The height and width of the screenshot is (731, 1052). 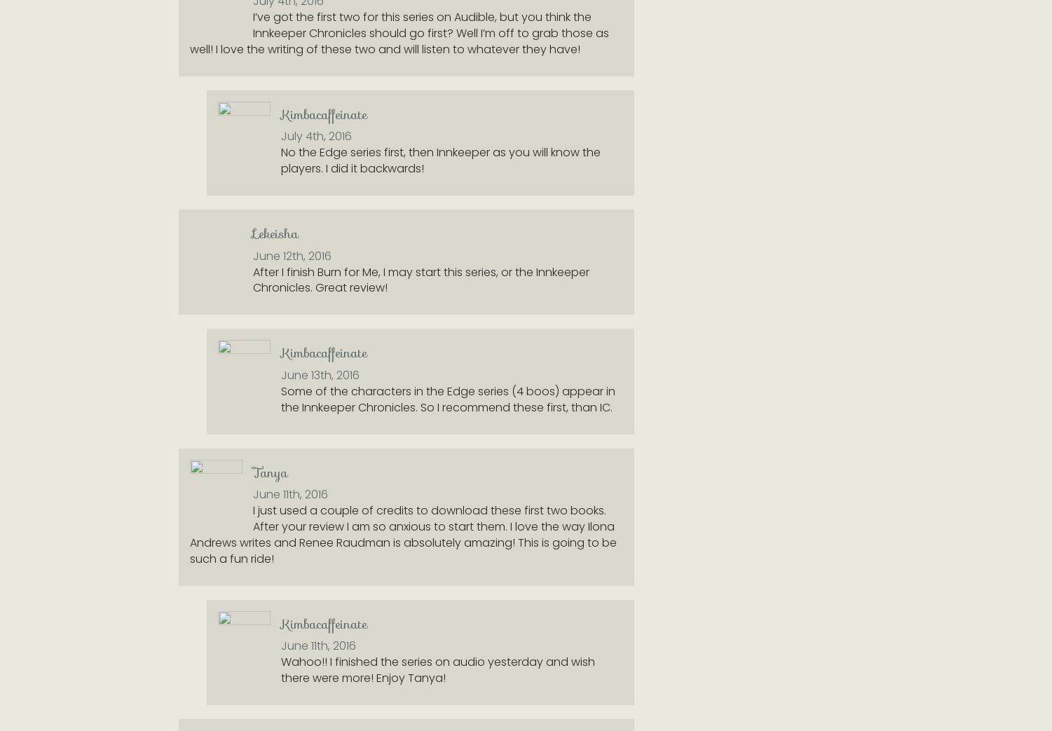 I want to click on 'June 12th, 2016', so click(x=292, y=254).